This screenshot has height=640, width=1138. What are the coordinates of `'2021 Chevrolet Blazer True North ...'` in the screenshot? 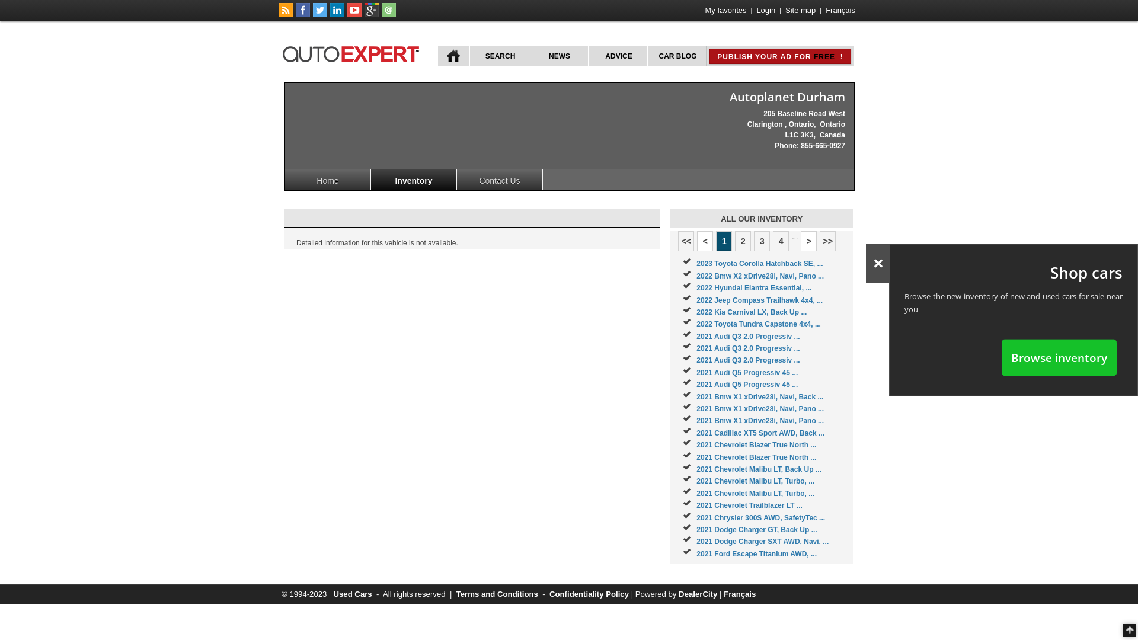 It's located at (756, 445).